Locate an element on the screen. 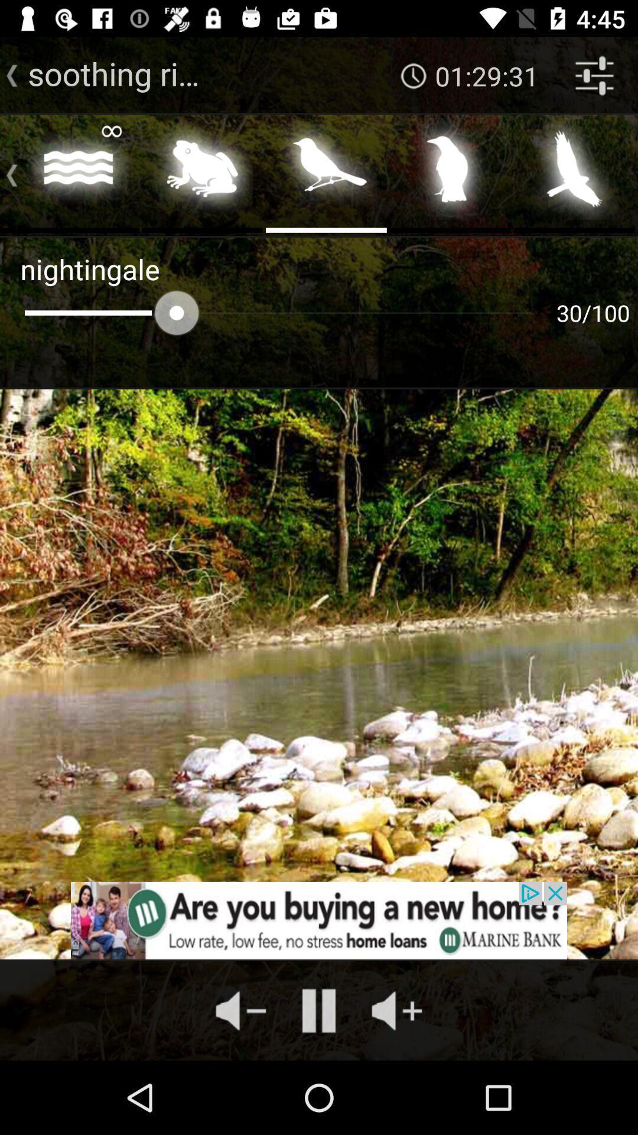  an advertisement is located at coordinates (319, 920).